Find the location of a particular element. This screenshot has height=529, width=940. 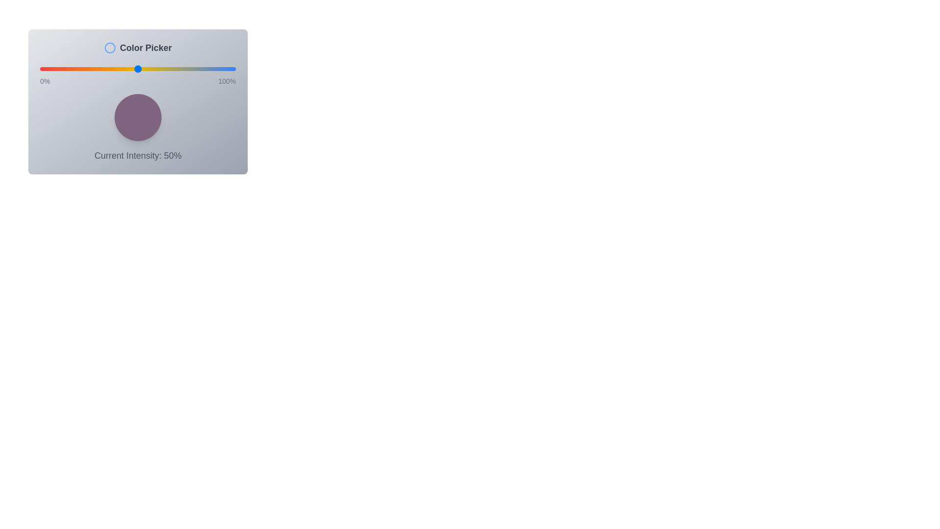

the intensity slider to 88% is located at coordinates (211, 69).